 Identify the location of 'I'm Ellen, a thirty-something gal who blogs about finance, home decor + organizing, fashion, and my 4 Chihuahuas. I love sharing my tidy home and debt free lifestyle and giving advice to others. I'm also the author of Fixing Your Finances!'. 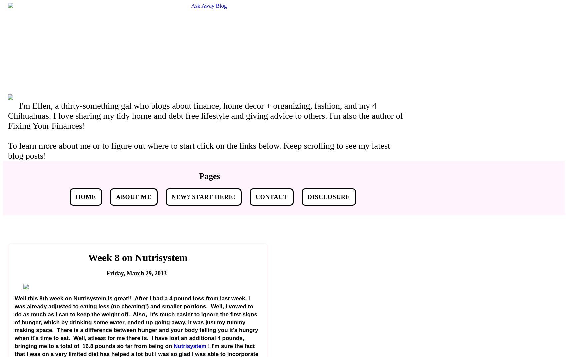
(206, 115).